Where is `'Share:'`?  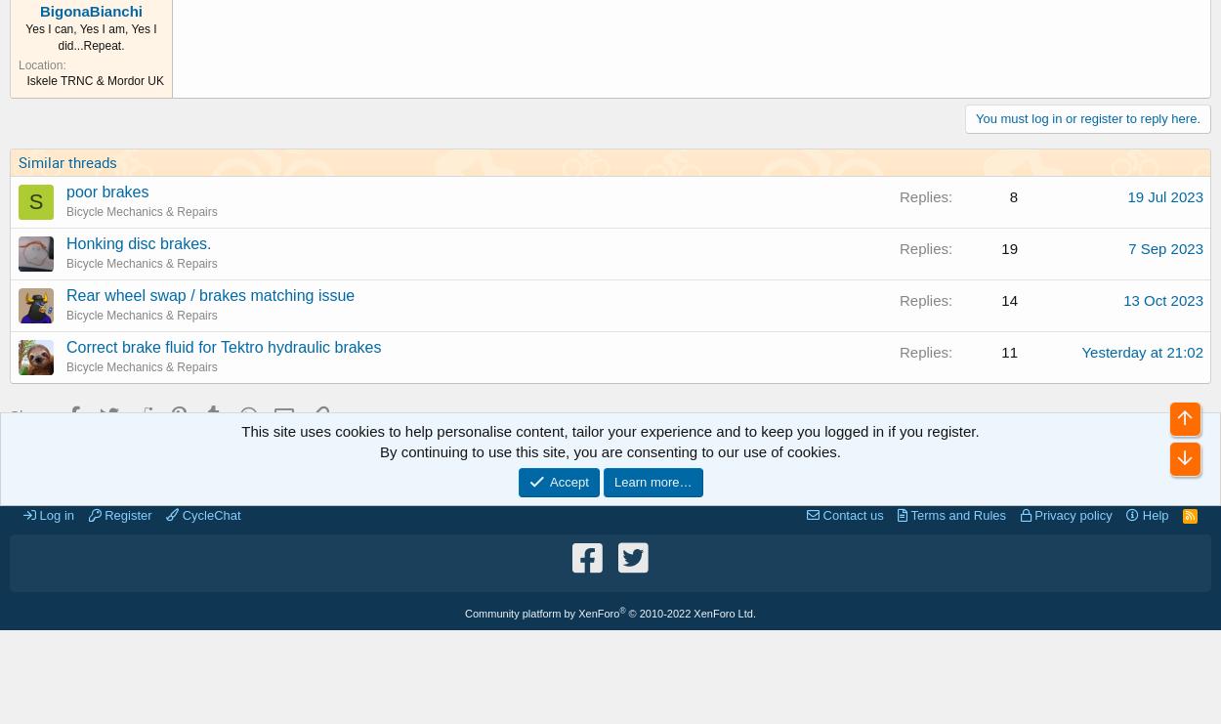 'Share:' is located at coordinates (31, 414).